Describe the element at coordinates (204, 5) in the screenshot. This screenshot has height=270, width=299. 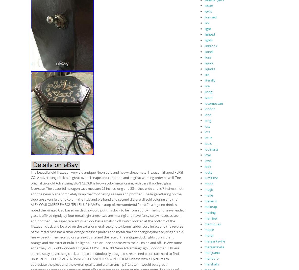
I see `'lesser'` at that location.